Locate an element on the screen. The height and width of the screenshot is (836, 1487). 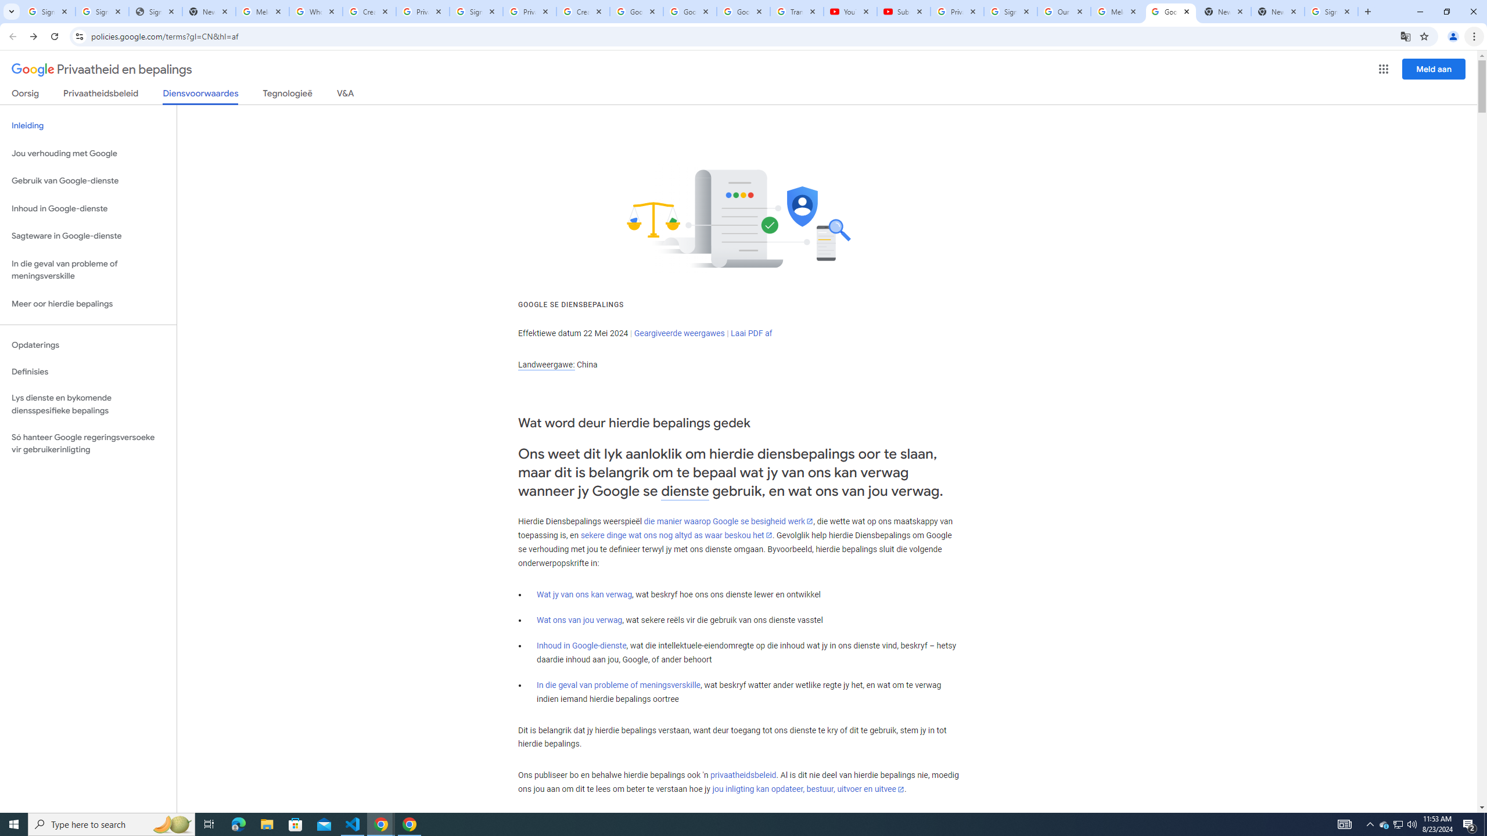
'sekere dinge wat ons nog altyd as waar beskou het' is located at coordinates (676, 535).